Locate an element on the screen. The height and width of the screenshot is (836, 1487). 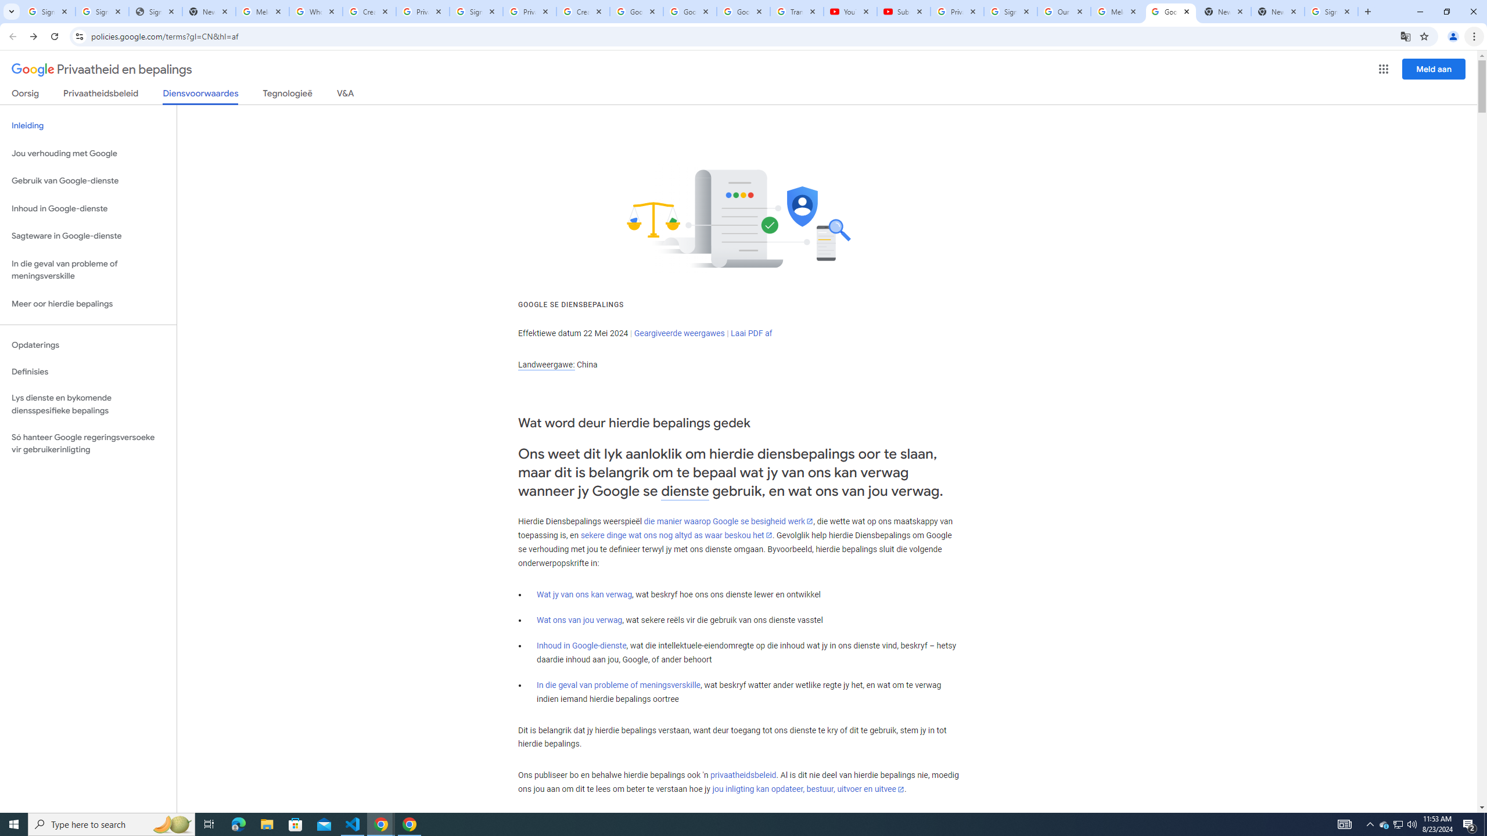
'sekere dinge wat ons nog altyd as waar beskou het' is located at coordinates (676, 535).